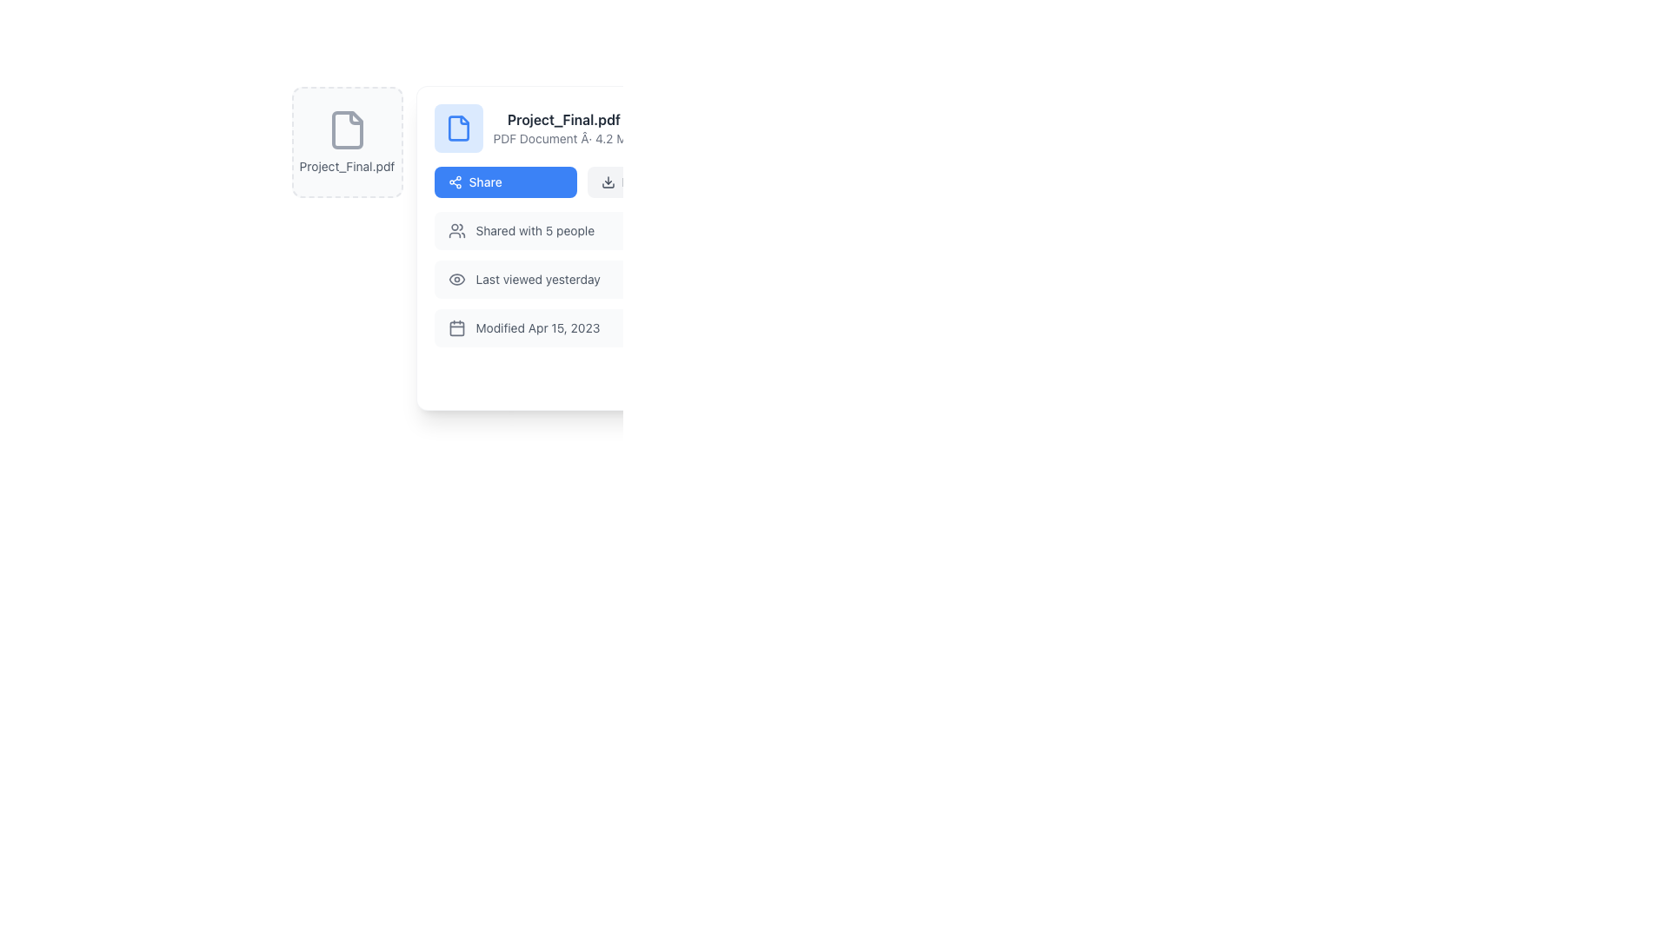 This screenshot has width=1669, height=938. Describe the element at coordinates (707, 278) in the screenshot. I see `the visual representation of the clock icon located on the right side of the panel, next to the 'Last viewed yesterday' text` at that location.